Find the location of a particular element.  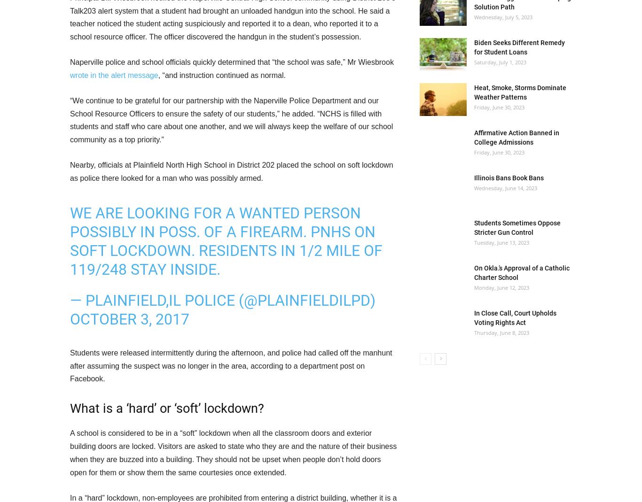

'Wednesday, July 5, 2023' is located at coordinates (474, 16).